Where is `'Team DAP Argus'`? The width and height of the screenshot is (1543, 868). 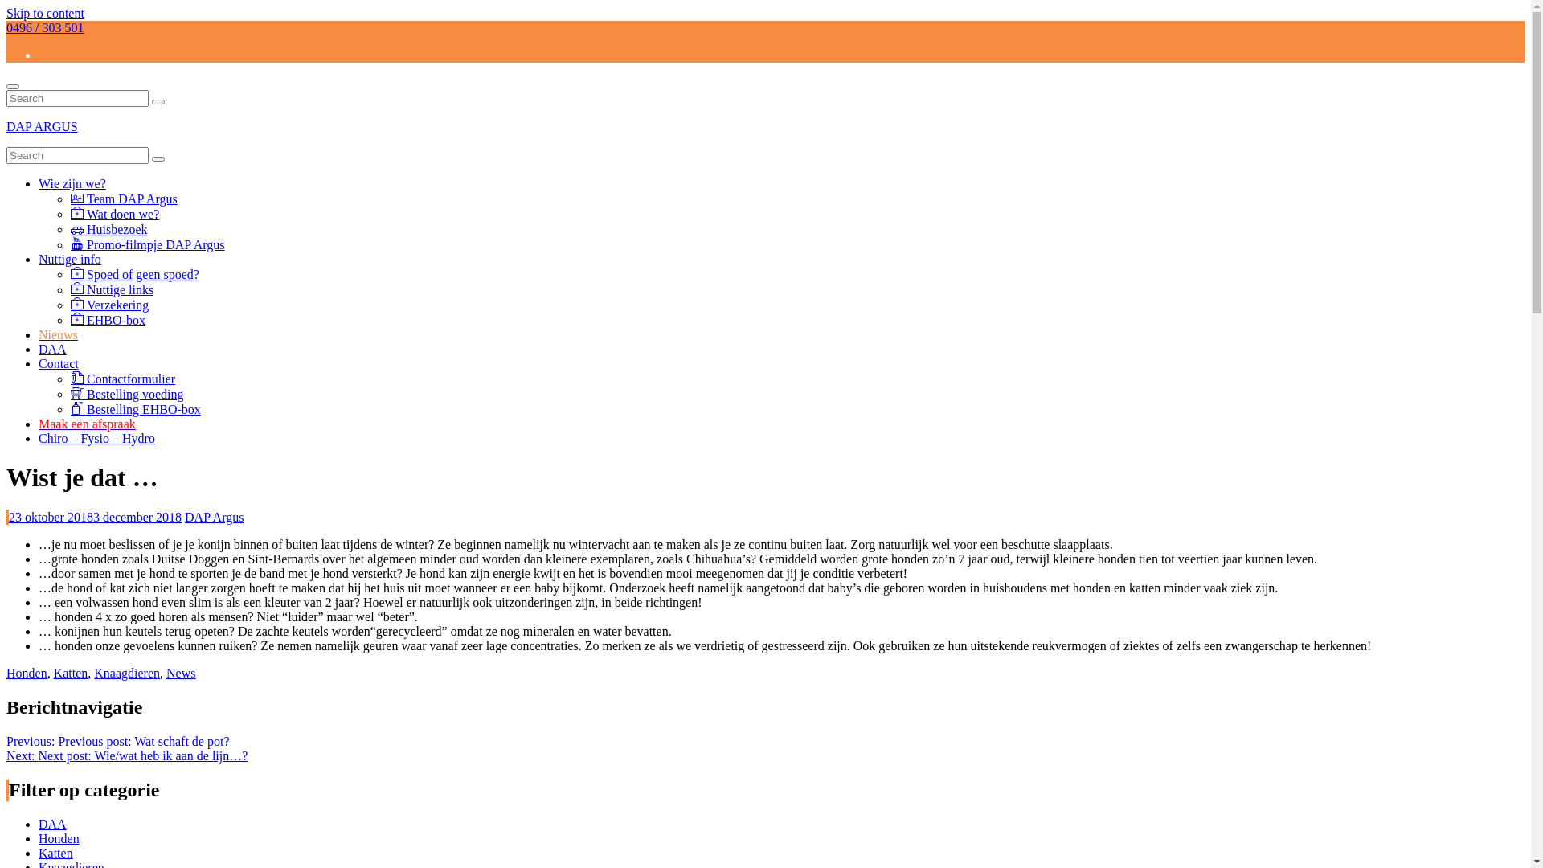
'Team DAP Argus' is located at coordinates (123, 198).